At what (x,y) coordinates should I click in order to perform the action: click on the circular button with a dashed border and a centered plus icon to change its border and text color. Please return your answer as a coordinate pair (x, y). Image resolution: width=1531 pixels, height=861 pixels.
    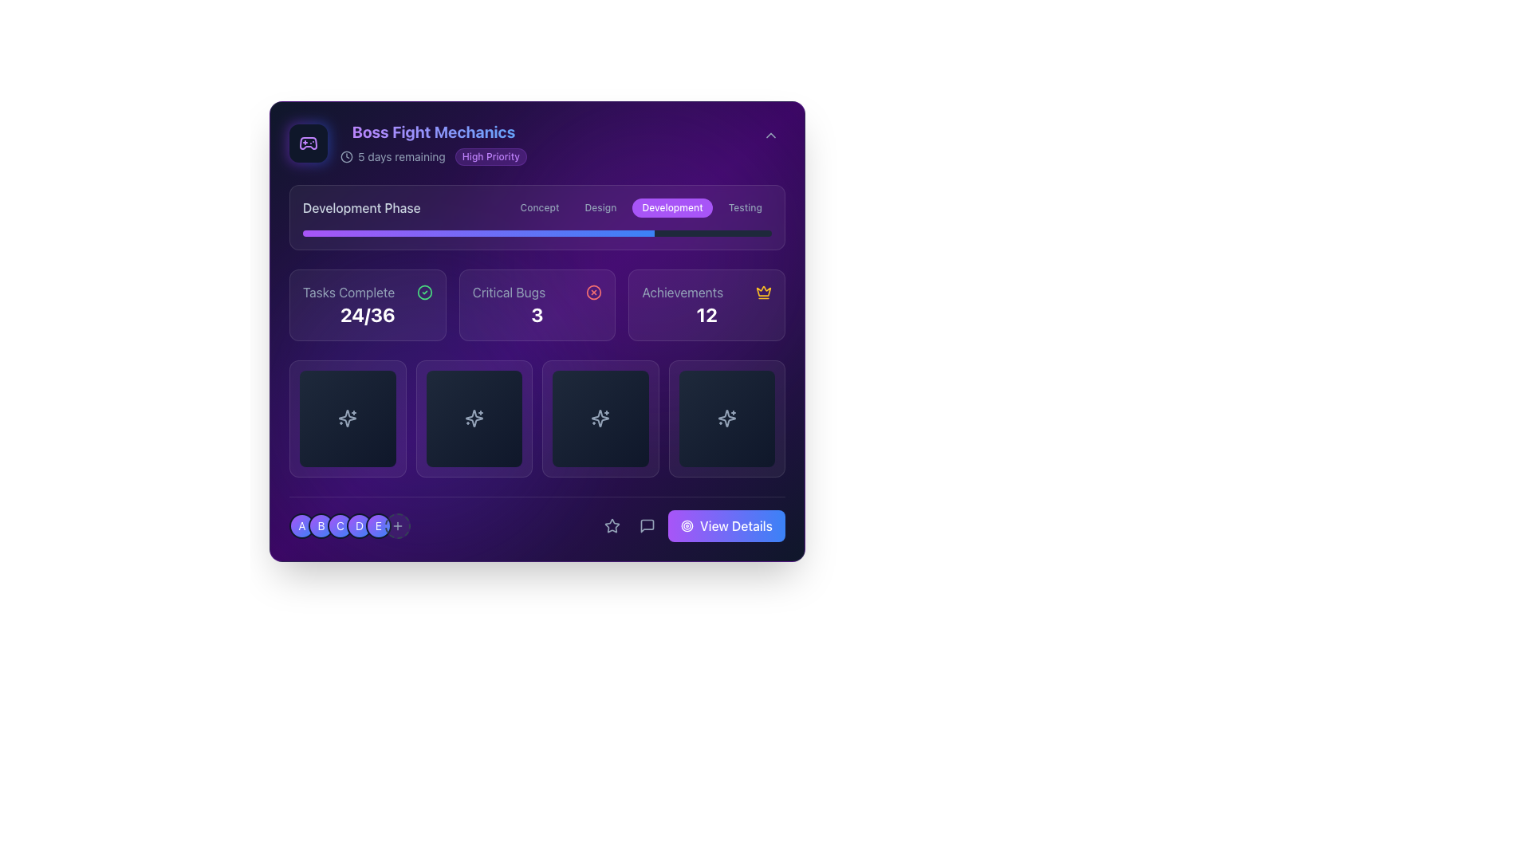
    Looking at the image, I should click on (398, 525).